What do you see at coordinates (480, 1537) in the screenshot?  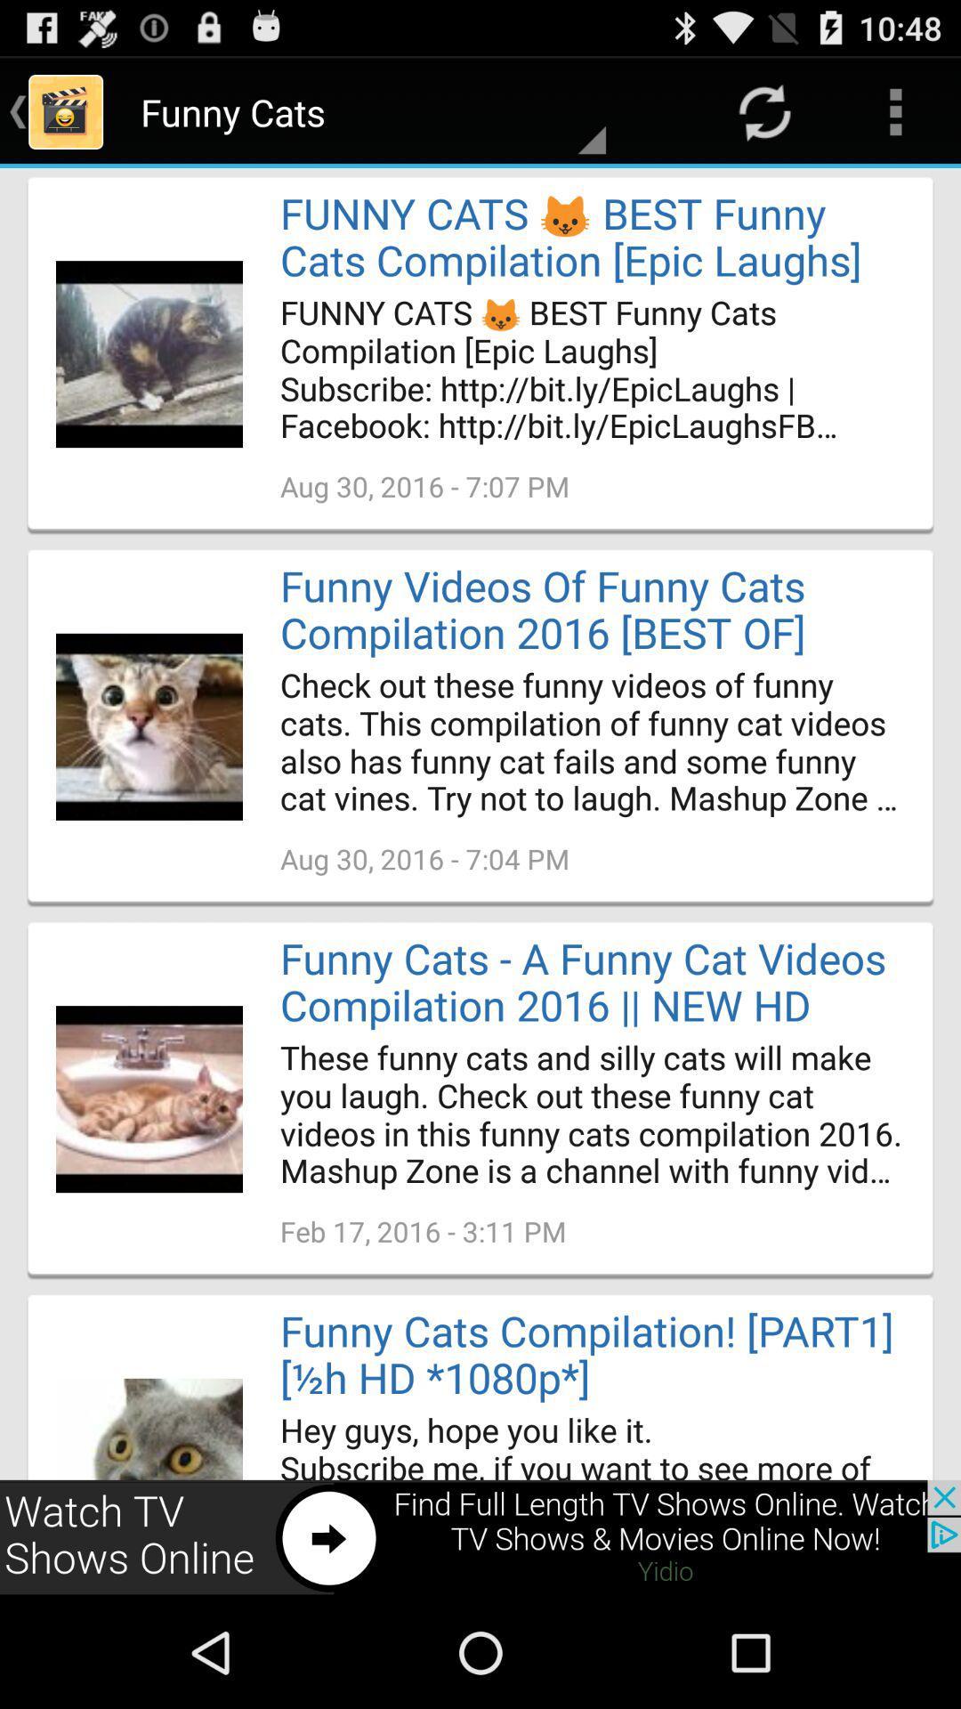 I see `advertisement` at bounding box center [480, 1537].